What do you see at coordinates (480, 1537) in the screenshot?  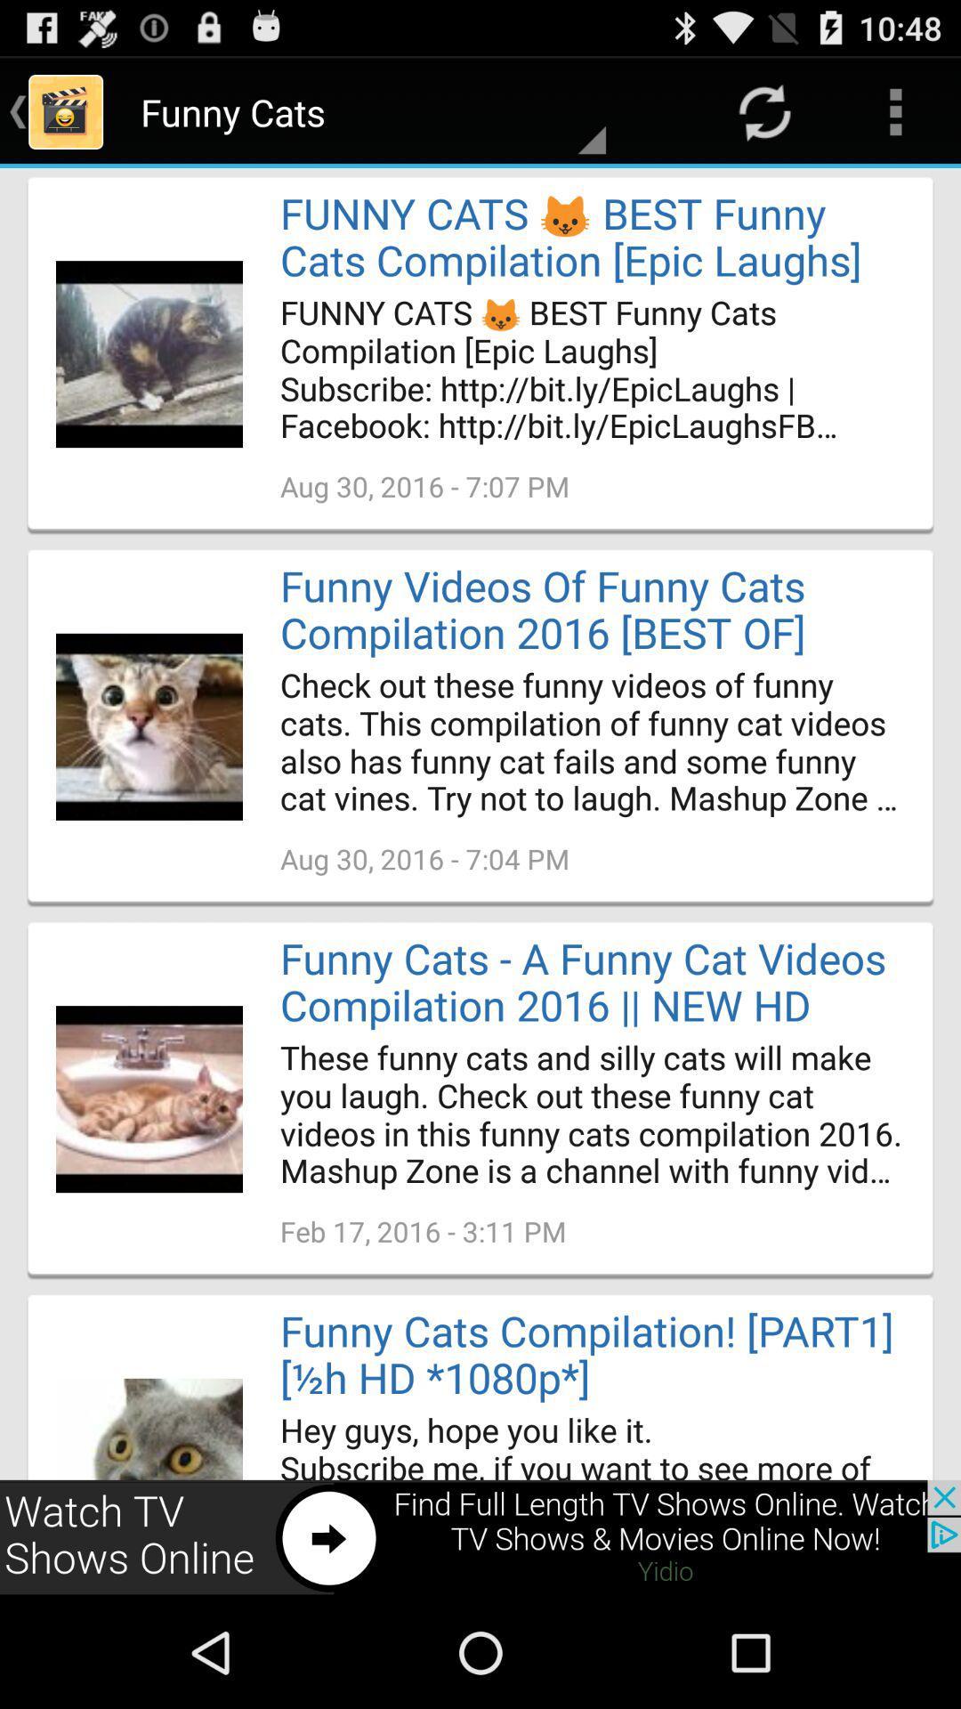 I see `advertisement` at bounding box center [480, 1537].